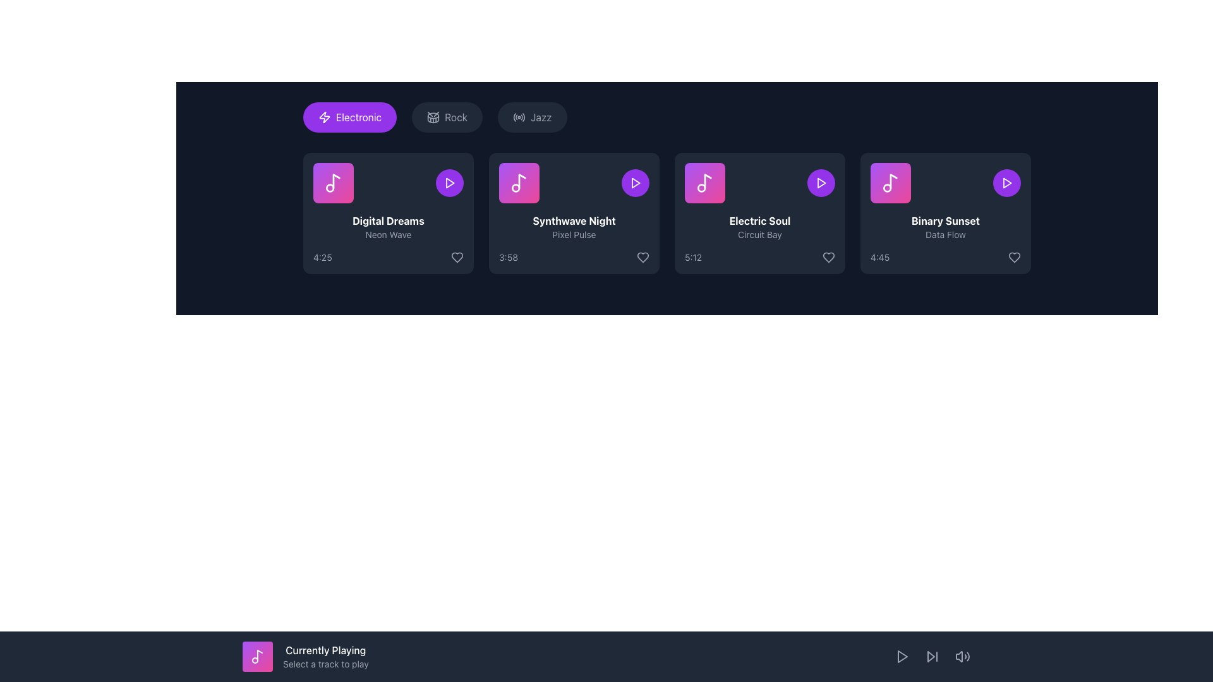  I want to click on the icon button representing the music track located on the second card in a row of music cards, which serves as a visual anchor for the track, so click(519, 182).